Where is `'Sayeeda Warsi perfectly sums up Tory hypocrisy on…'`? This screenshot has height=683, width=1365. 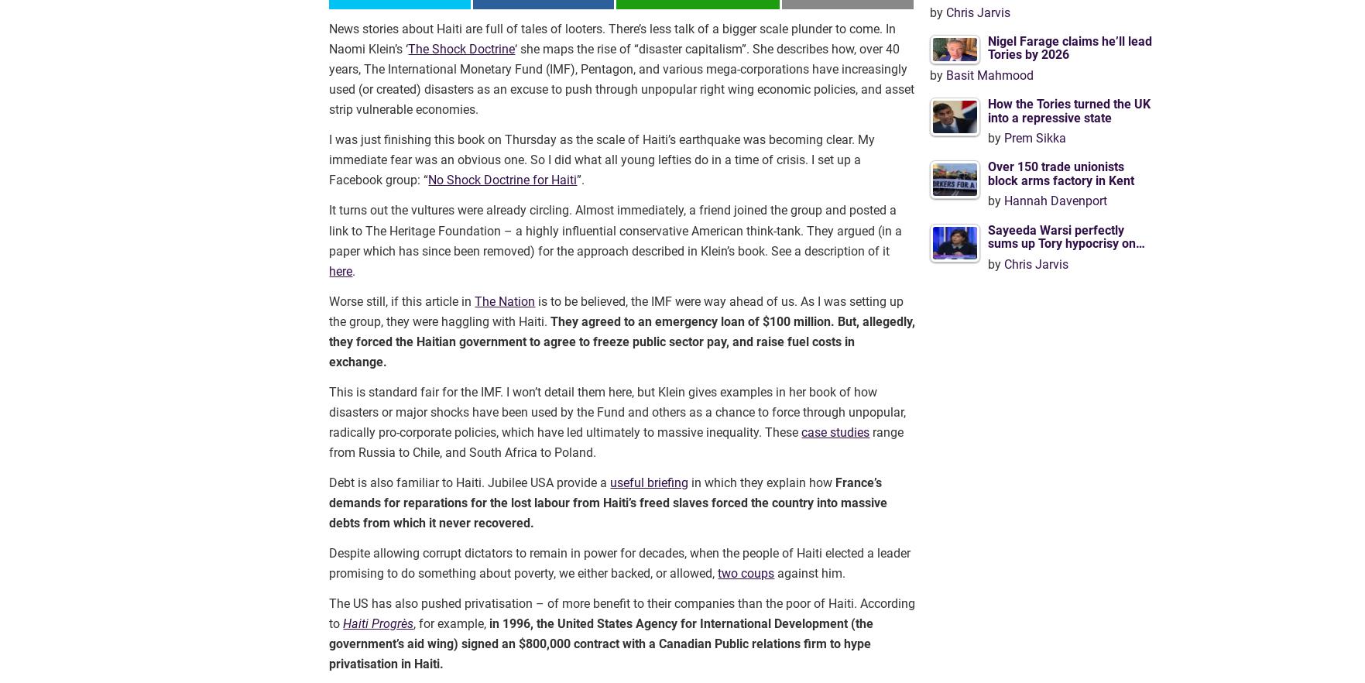
'Sayeeda Warsi perfectly sums up Tory hypocrisy on…' is located at coordinates (1065, 235).